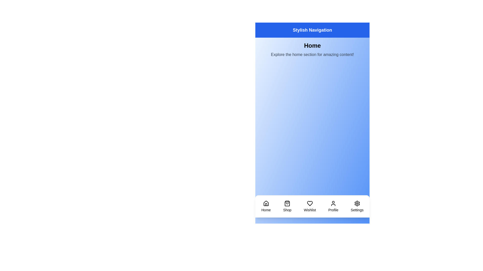  Describe the element at coordinates (357, 206) in the screenshot. I see `the Settings tab in the bottom navigation bar` at that location.